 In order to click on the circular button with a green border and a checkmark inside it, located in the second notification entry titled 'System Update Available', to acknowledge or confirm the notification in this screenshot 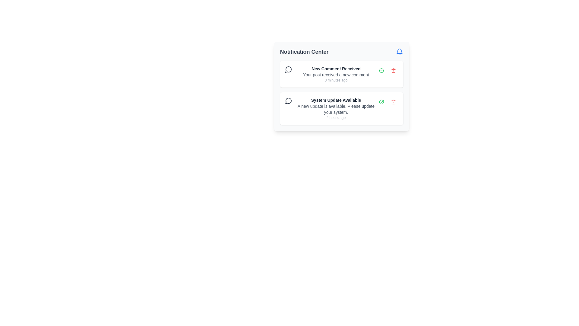, I will do `click(381, 102)`.